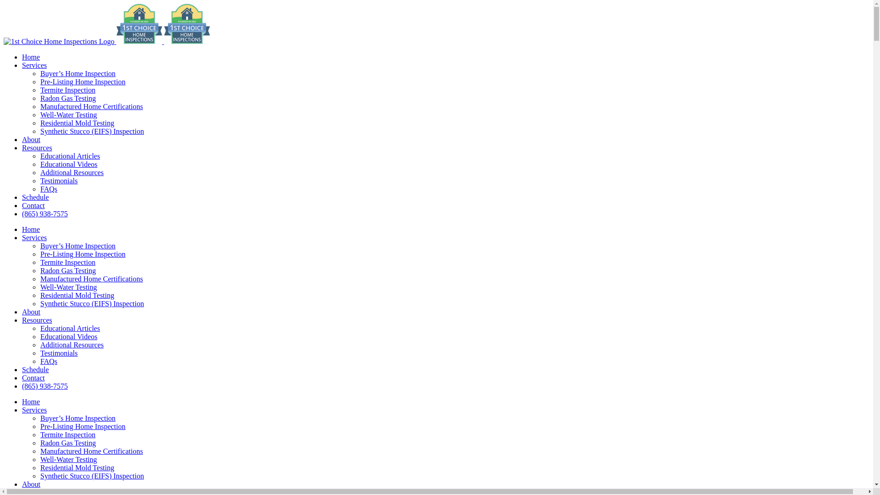 This screenshot has width=880, height=495. What do you see at coordinates (39, 345) in the screenshot?
I see `'Additional Resources'` at bounding box center [39, 345].